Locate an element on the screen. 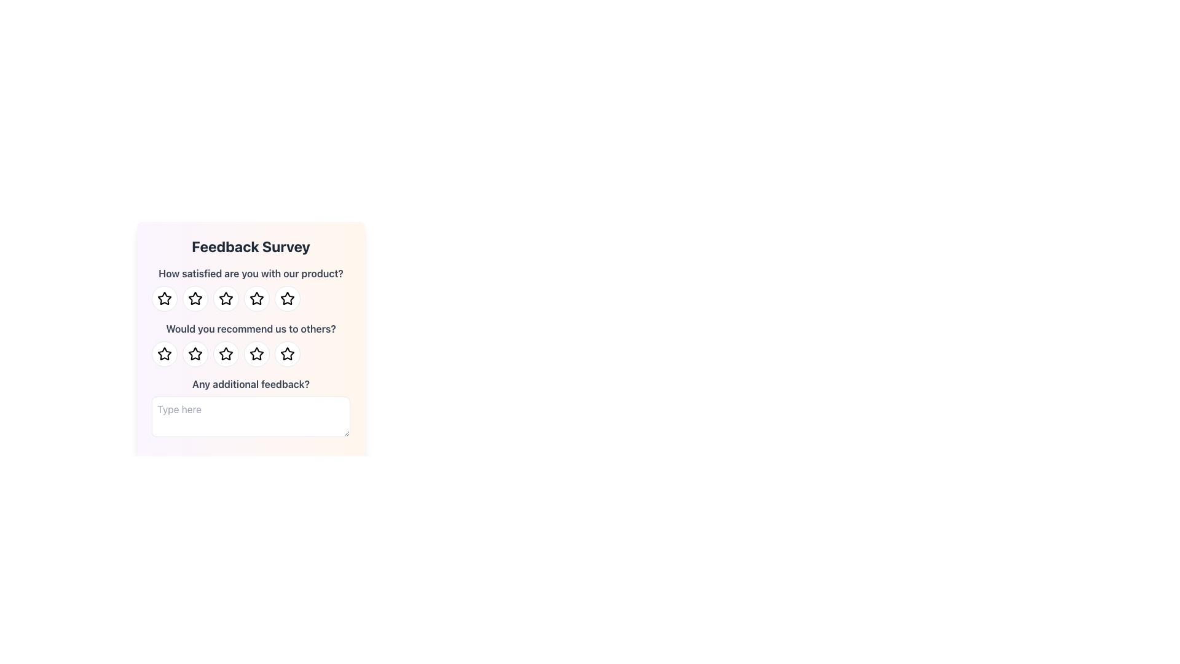 This screenshot has height=664, width=1180. the first circular star button with a white background and black star icon is located at coordinates (164, 299).